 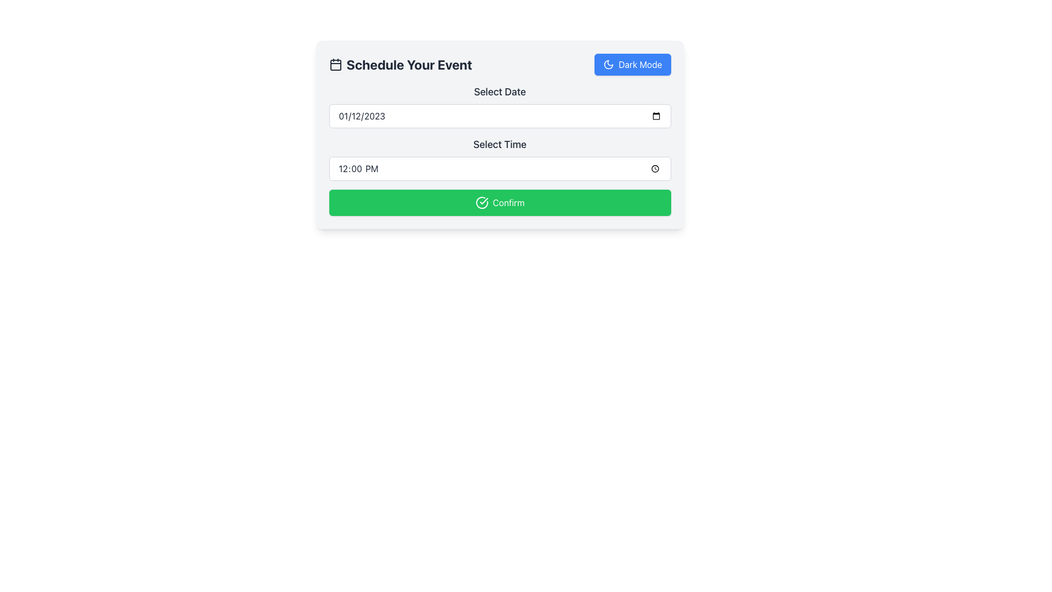 I want to click on the dark mode toggle button located in the top right corner of the interface, so click(x=608, y=65).